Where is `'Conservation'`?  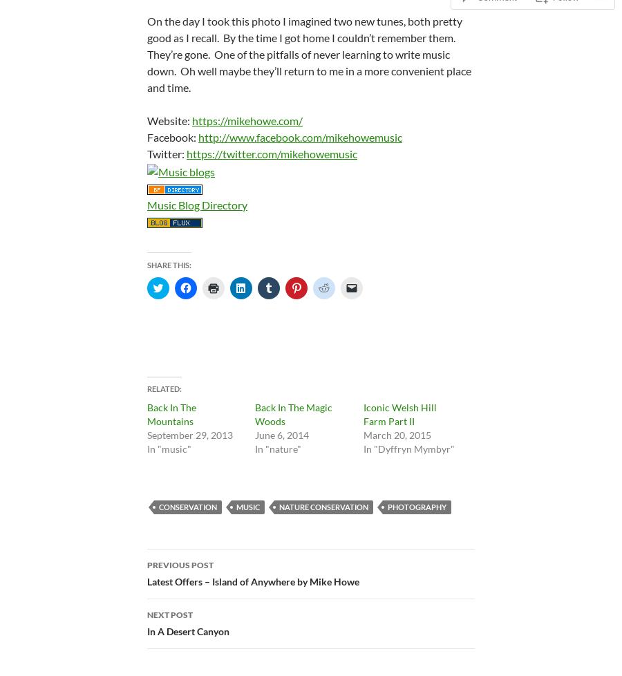
'Conservation' is located at coordinates (187, 506).